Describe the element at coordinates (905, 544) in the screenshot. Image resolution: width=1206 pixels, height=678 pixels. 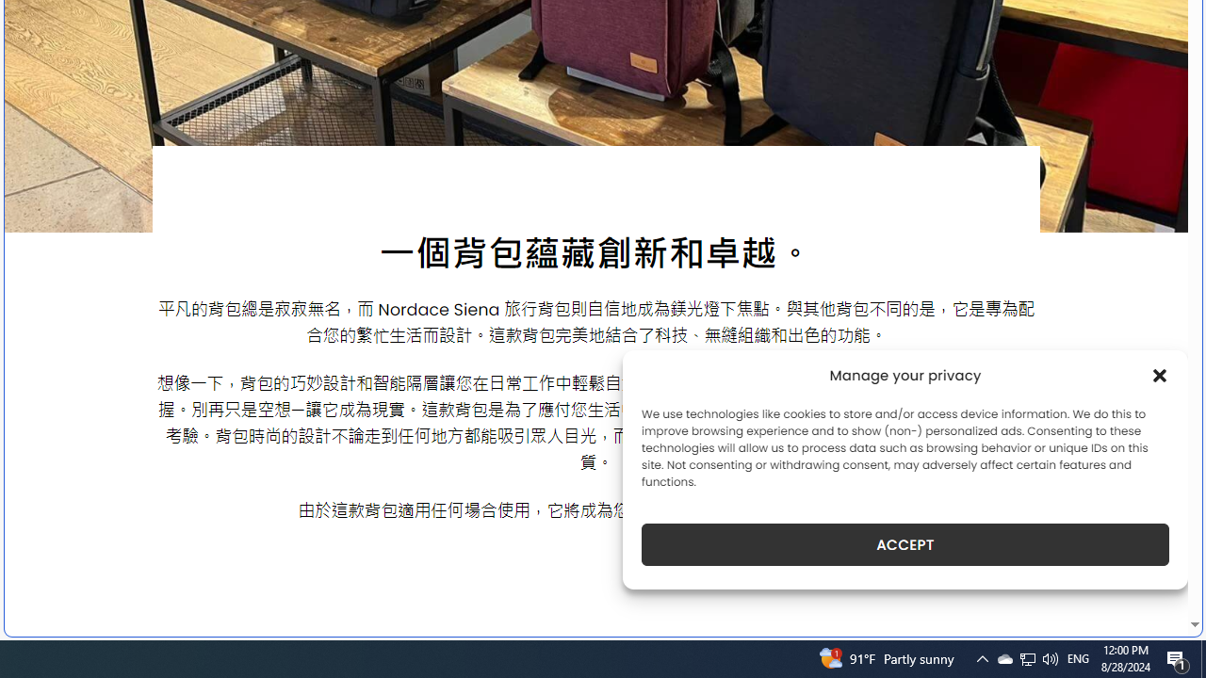
I see `'ACCEPT'` at that location.